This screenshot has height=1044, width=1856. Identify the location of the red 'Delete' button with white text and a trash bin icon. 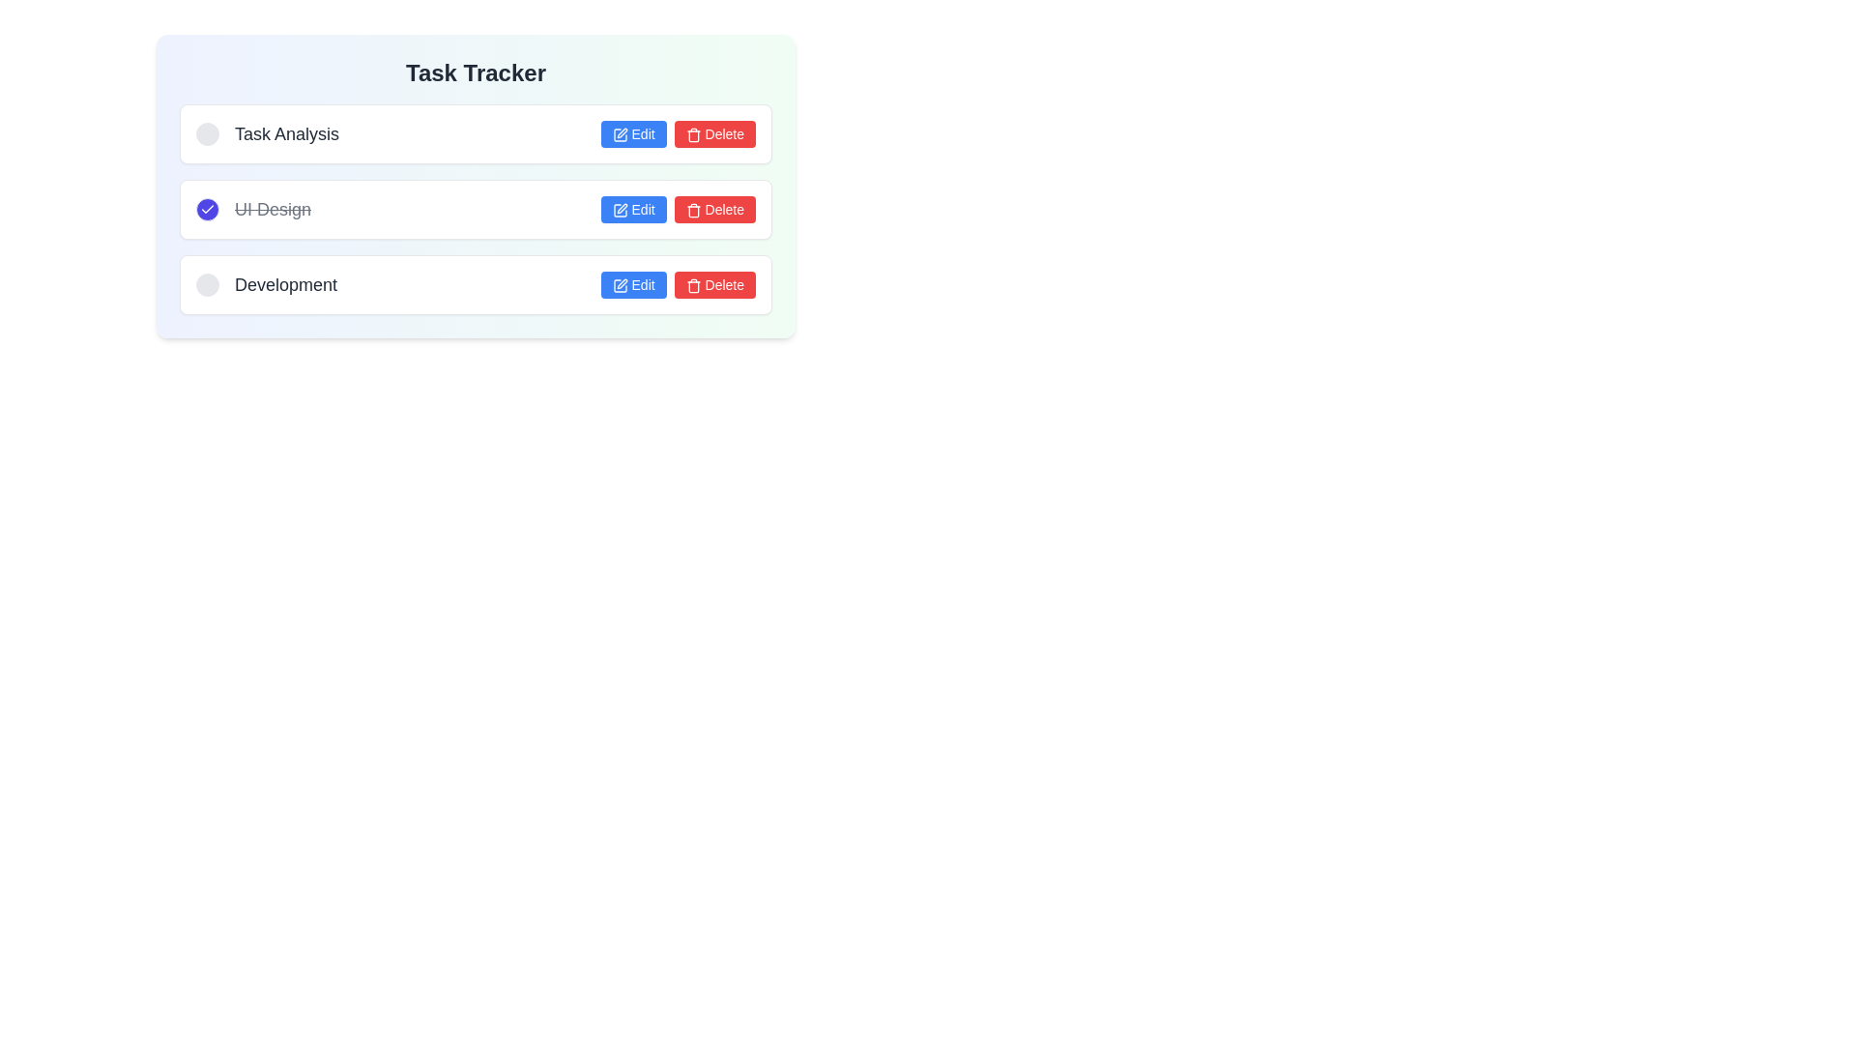
(713, 284).